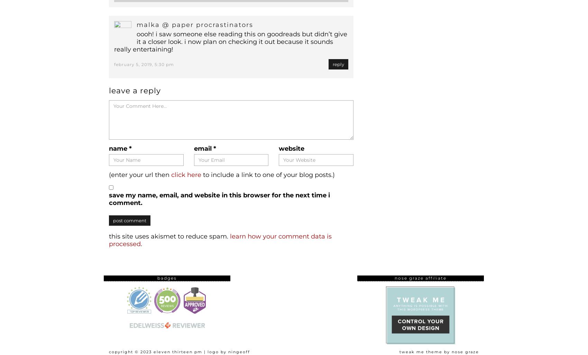 The height and width of the screenshot is (355, 588). What do you see at coordinates (220, 240) in the screenshot?
I see `'Learn how your comment data is processed'` at bounding box center [220, 240].